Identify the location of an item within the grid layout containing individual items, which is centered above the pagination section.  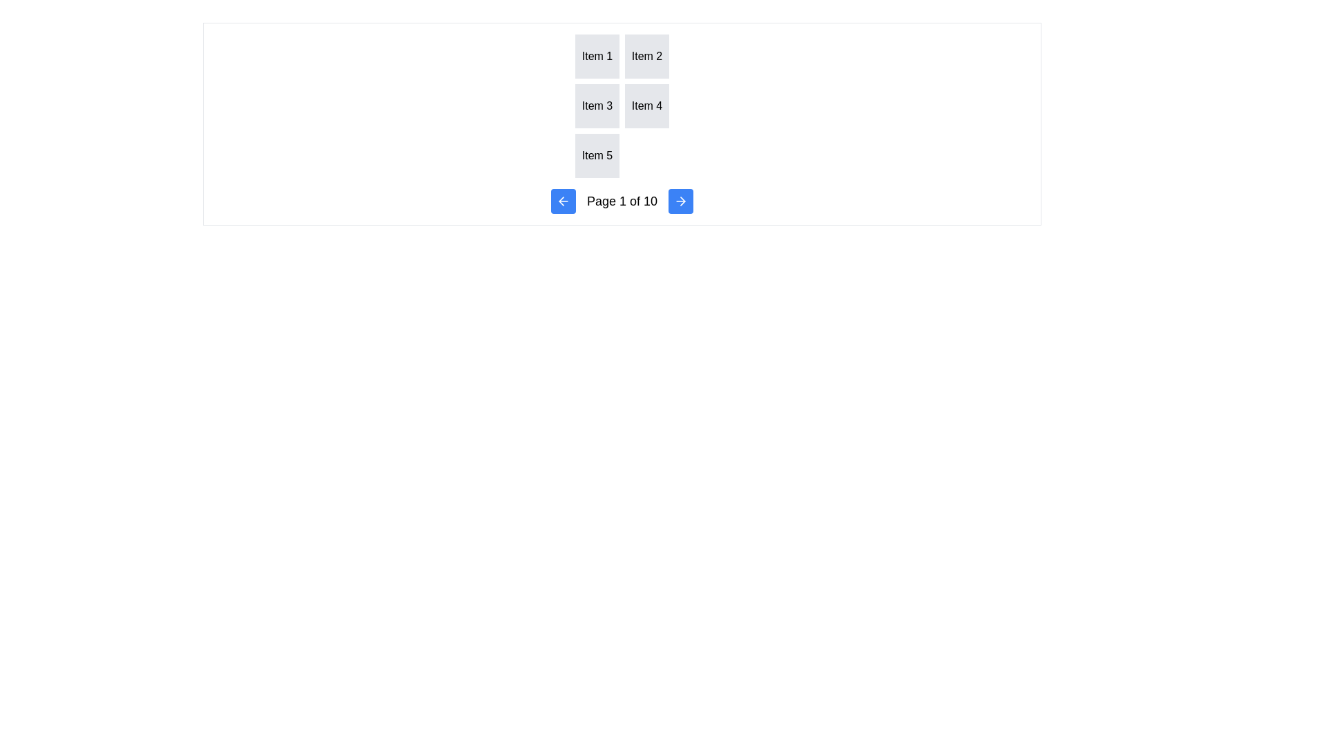
(622, 106).